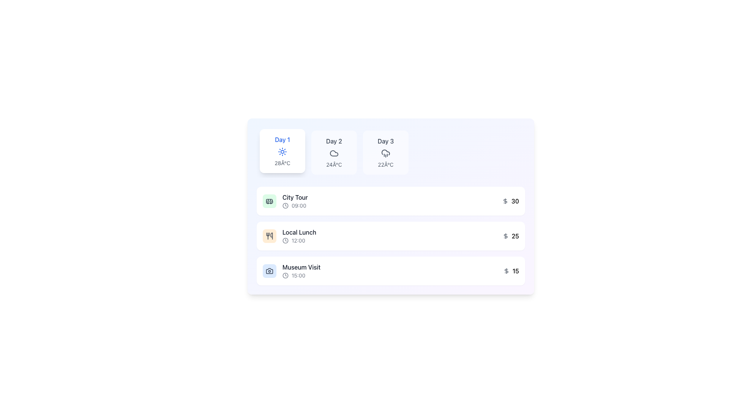  Describe the element at coordinates (285, 200) in the screenshot. I see `information from the itinerary listing for the scheduled city tour activity at 09:00, which is located in the first row of the vertical list under the 'Day 1' header` at that location.